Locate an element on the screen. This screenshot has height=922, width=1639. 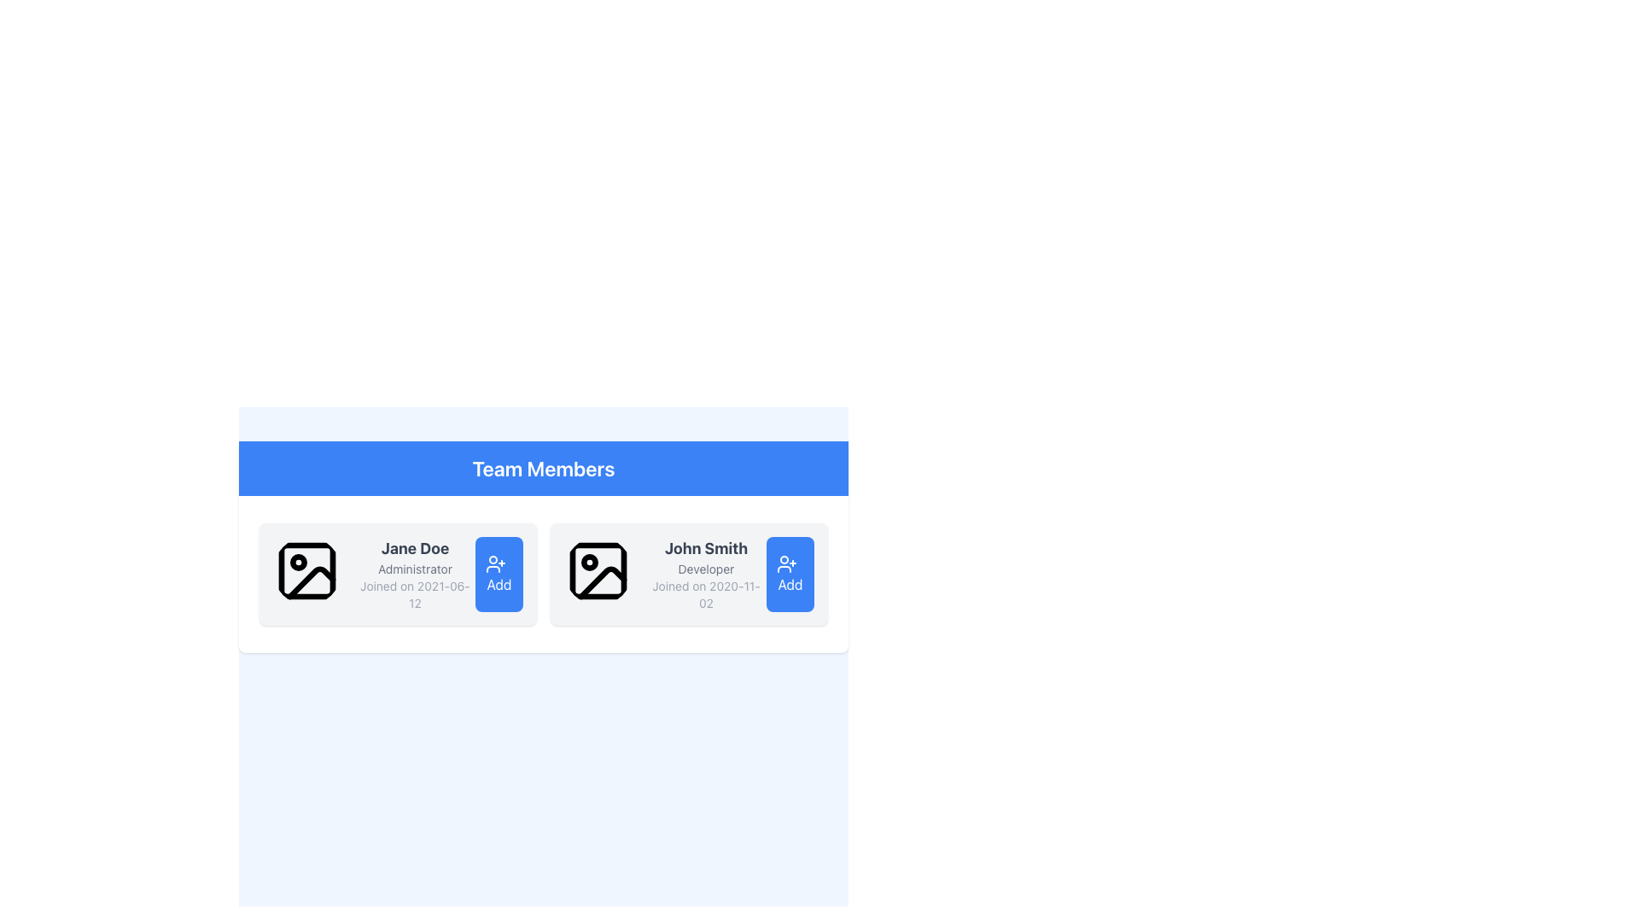
the text label displaying 'Developer' which is located beneath 'John Smith' and above 'Joined on 2020-11-02' in the user information card is located at coordinates (706, 569).